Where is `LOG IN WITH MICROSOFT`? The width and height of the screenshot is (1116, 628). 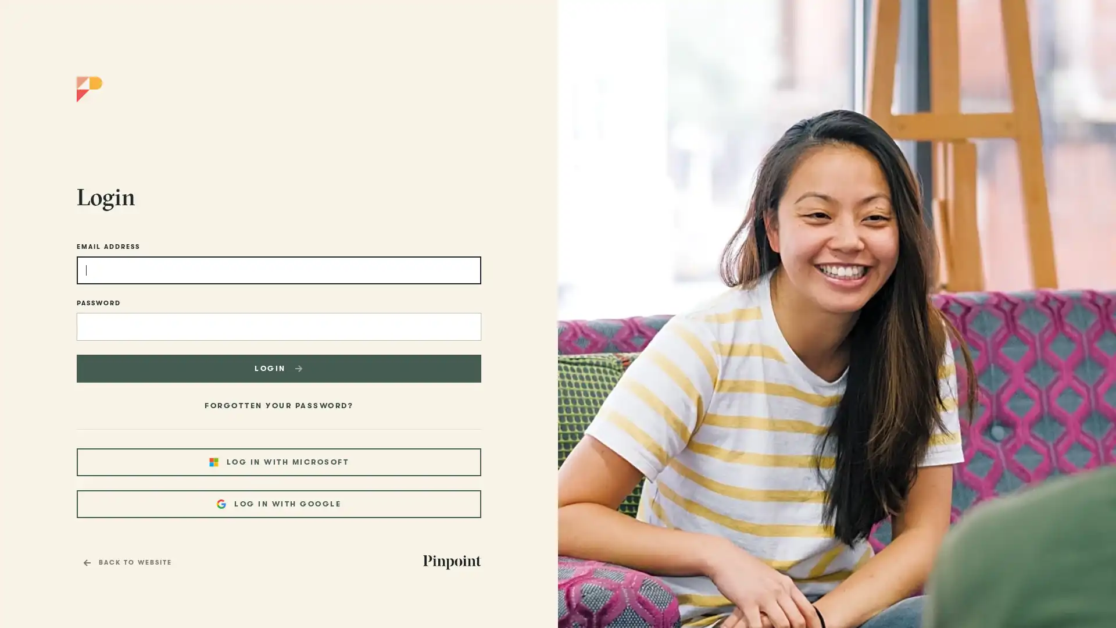
LOG IN WITH MICROSOFT is located at coordinates (278, 461).